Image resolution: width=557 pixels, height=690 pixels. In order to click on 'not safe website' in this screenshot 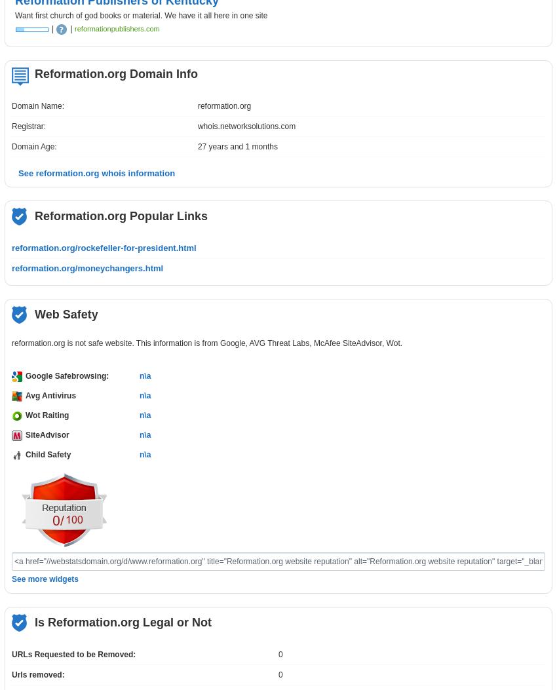, I will do `click(103, 343)`.